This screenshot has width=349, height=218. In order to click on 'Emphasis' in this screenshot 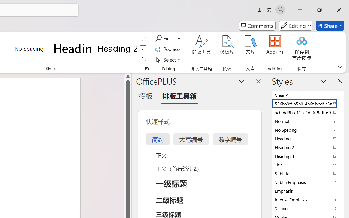, I will do `click(308, 191)`.